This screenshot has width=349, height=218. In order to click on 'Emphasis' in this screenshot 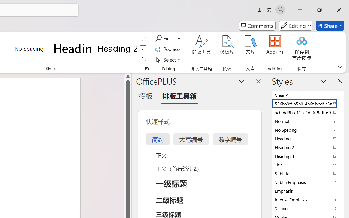, I will do `click(308, 191)`.